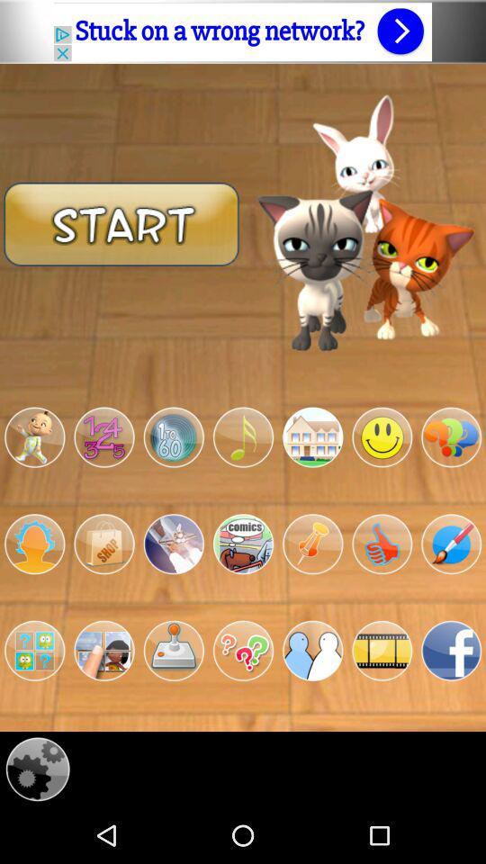 The height and width of the screenshot is (864, 486). I want to click on advertisers website, so click(243, 31).